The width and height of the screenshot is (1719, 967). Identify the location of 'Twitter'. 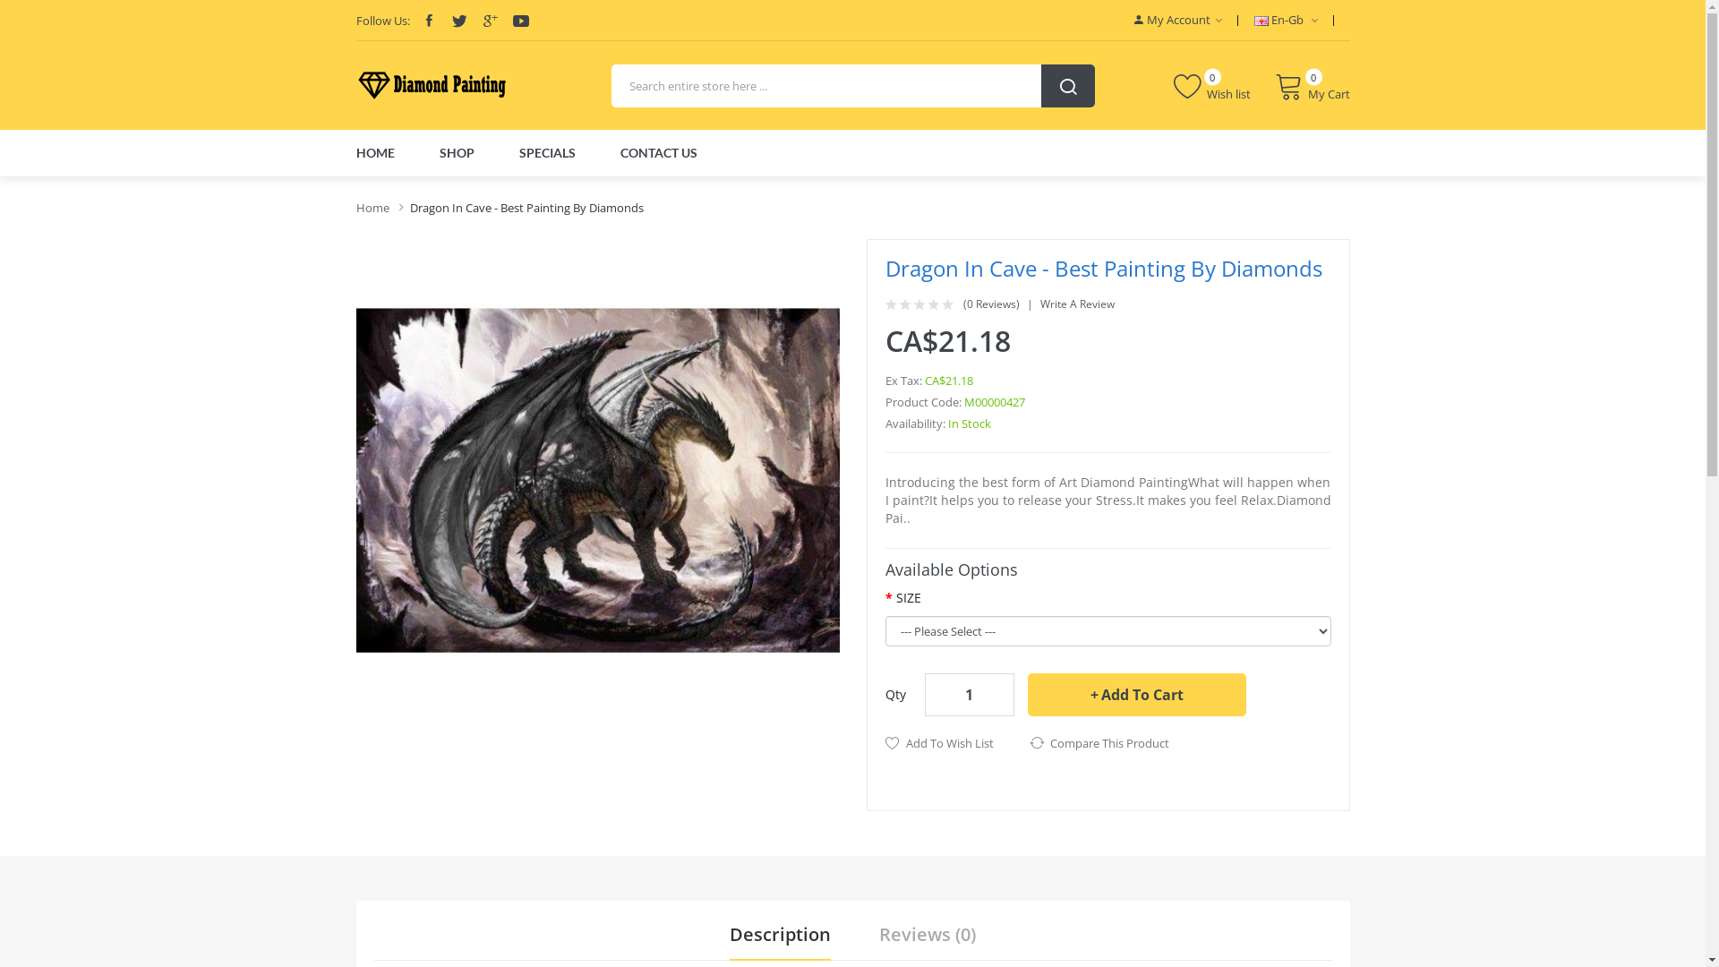
(459, 21).